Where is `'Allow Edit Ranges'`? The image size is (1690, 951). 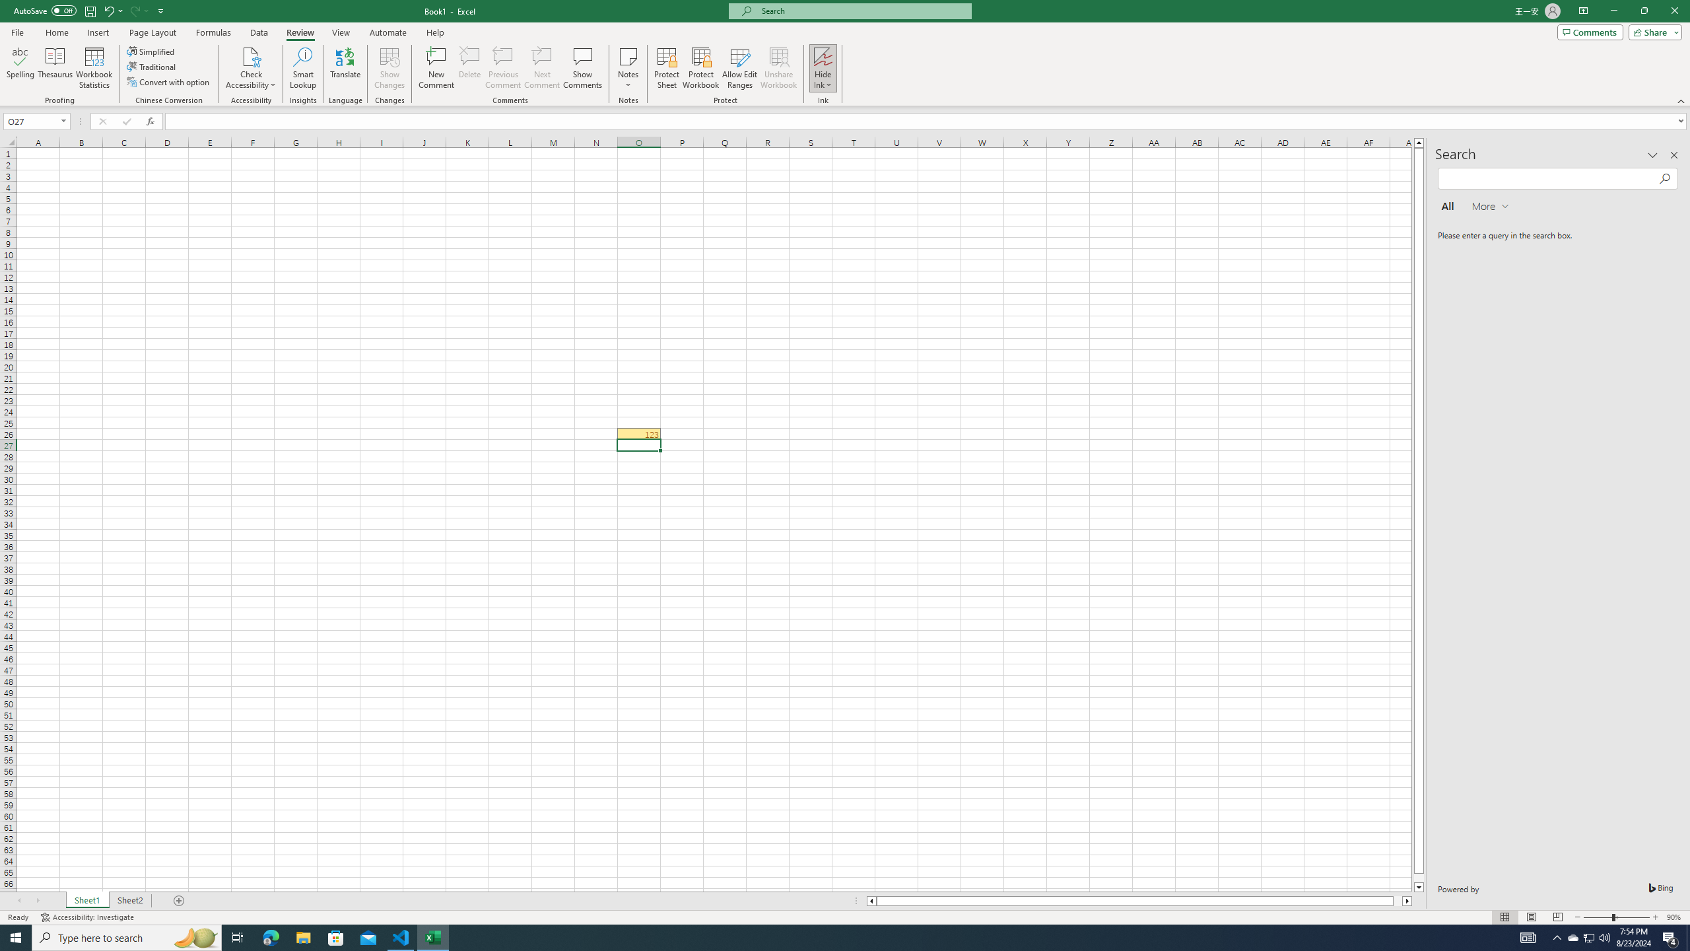 'Allow Edit Ranges' is located at coordinates (740, 68).